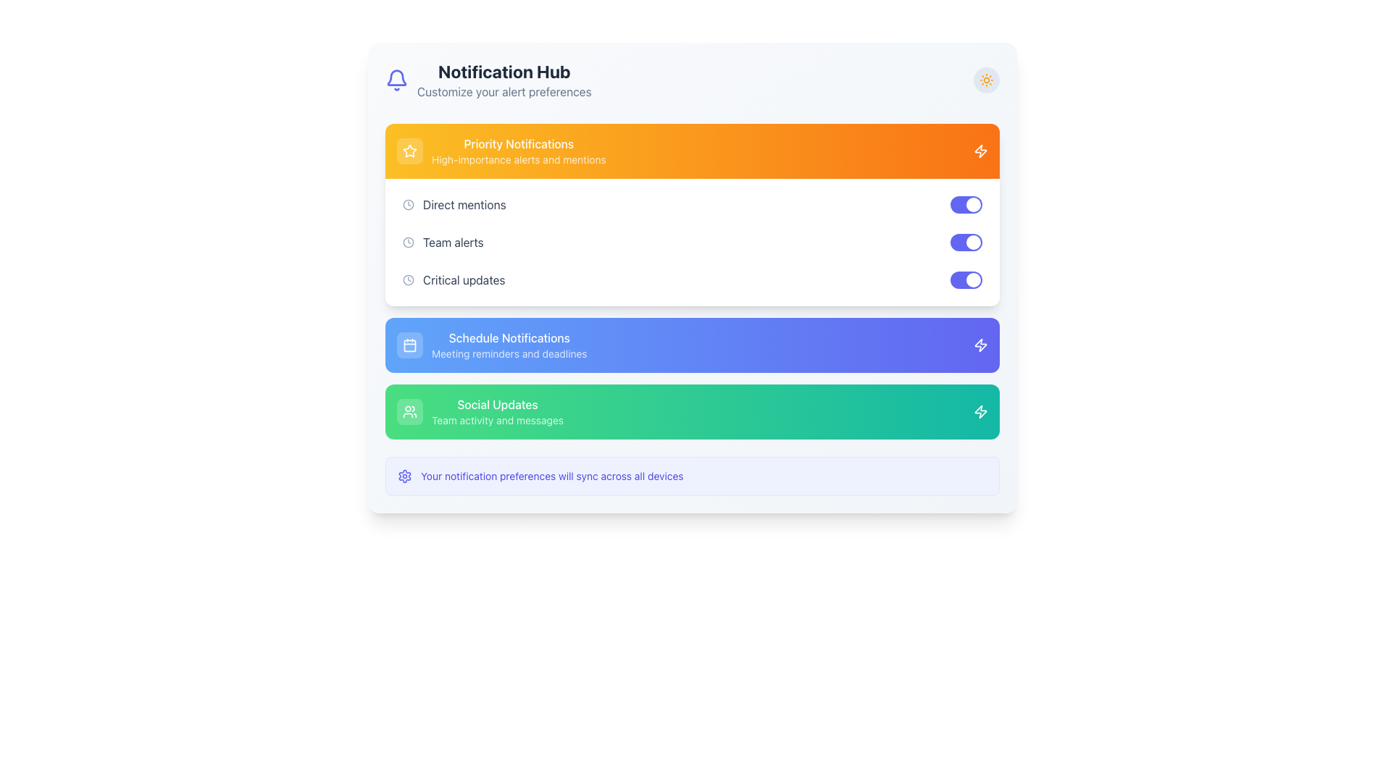  What do you see at coordinates (980, 412) in the screenshot?
I see `the icon located in the bottom-right corner of the bright green 'Social Updates' section, which serves as a visual indicator for interactivity` at bounding box center [980, 412].